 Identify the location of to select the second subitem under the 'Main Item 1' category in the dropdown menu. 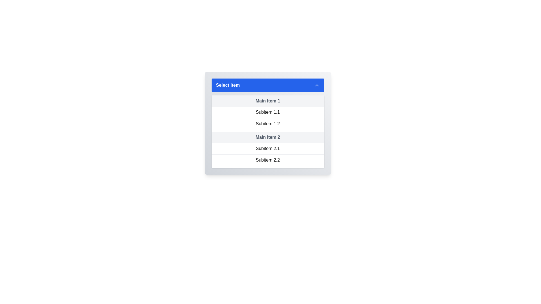
(267, 123).